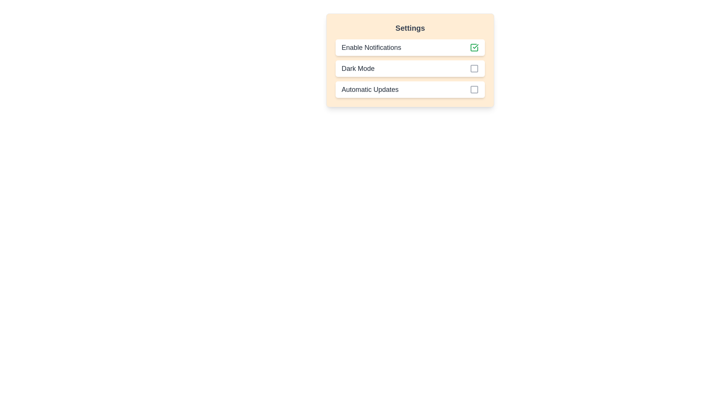  Describe the element at coordinates (474, 89) in the screenshot. I see `the decorative square element inside the checkbox for 'Automatic Updates' in the 'Settings' pane` at that location.